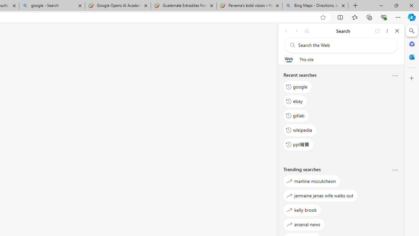  Describe the element at coordinates (288, 59) in the screenshot. I see `'Web scope'` at that location.